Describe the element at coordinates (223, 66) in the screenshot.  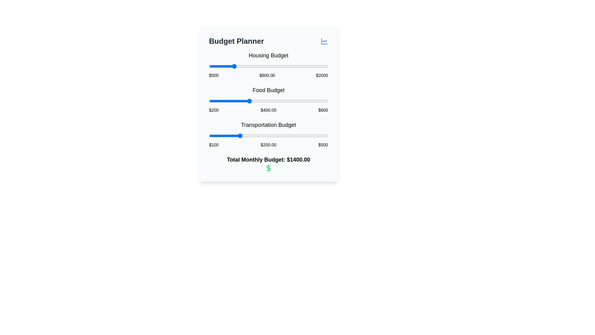
I see `the housing budget slider` at that location.